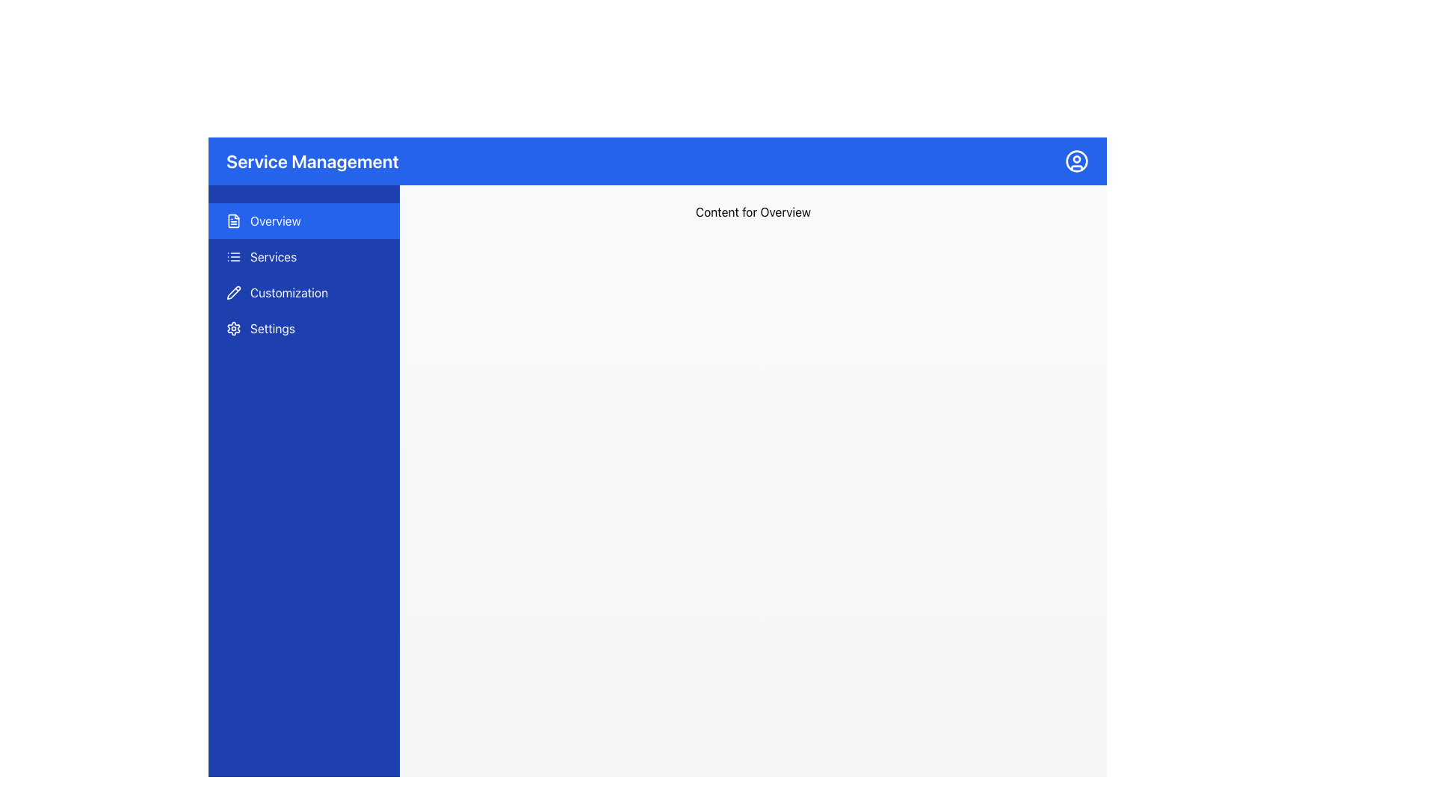  Describe the element at coordinates (289, 293) in the screenshot. I see `the 'Customization' label in the side menu of the dashboard` at that location.